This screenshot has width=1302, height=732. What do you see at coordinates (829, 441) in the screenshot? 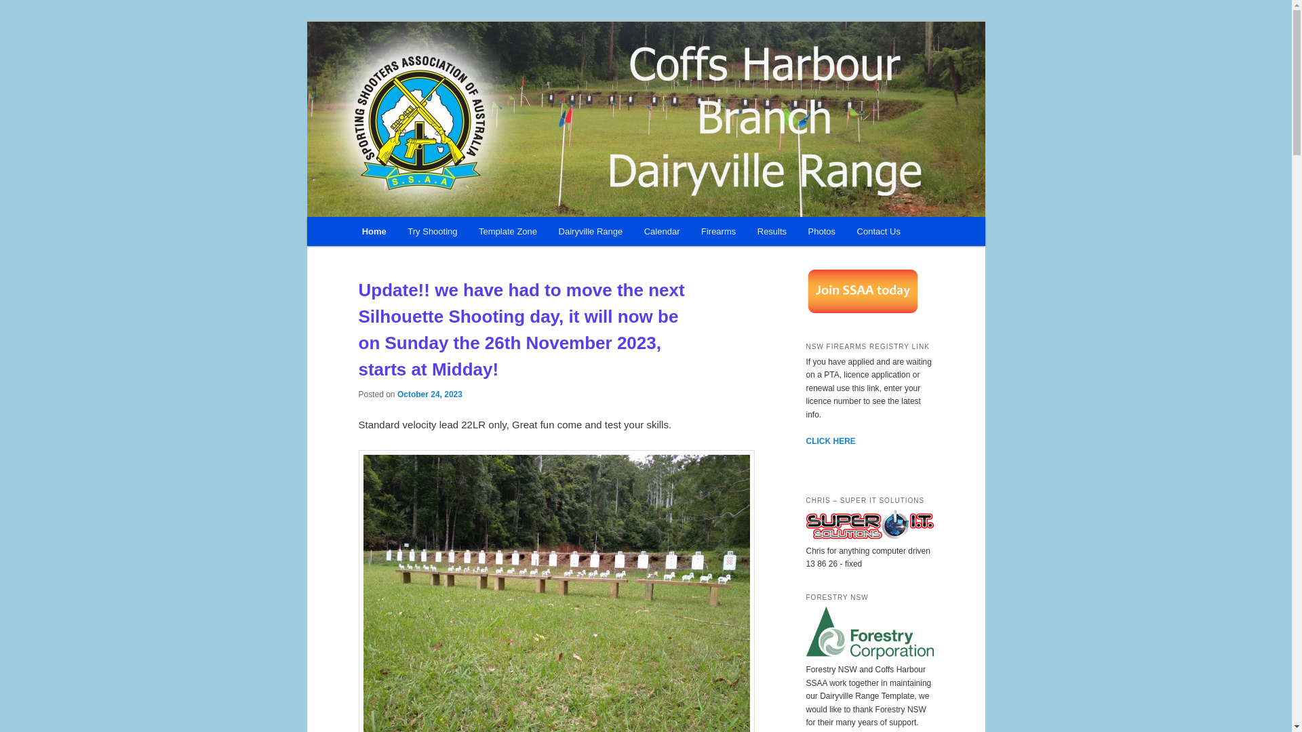
I see `'CLICK HERE'` at bounding box center [829, 441].